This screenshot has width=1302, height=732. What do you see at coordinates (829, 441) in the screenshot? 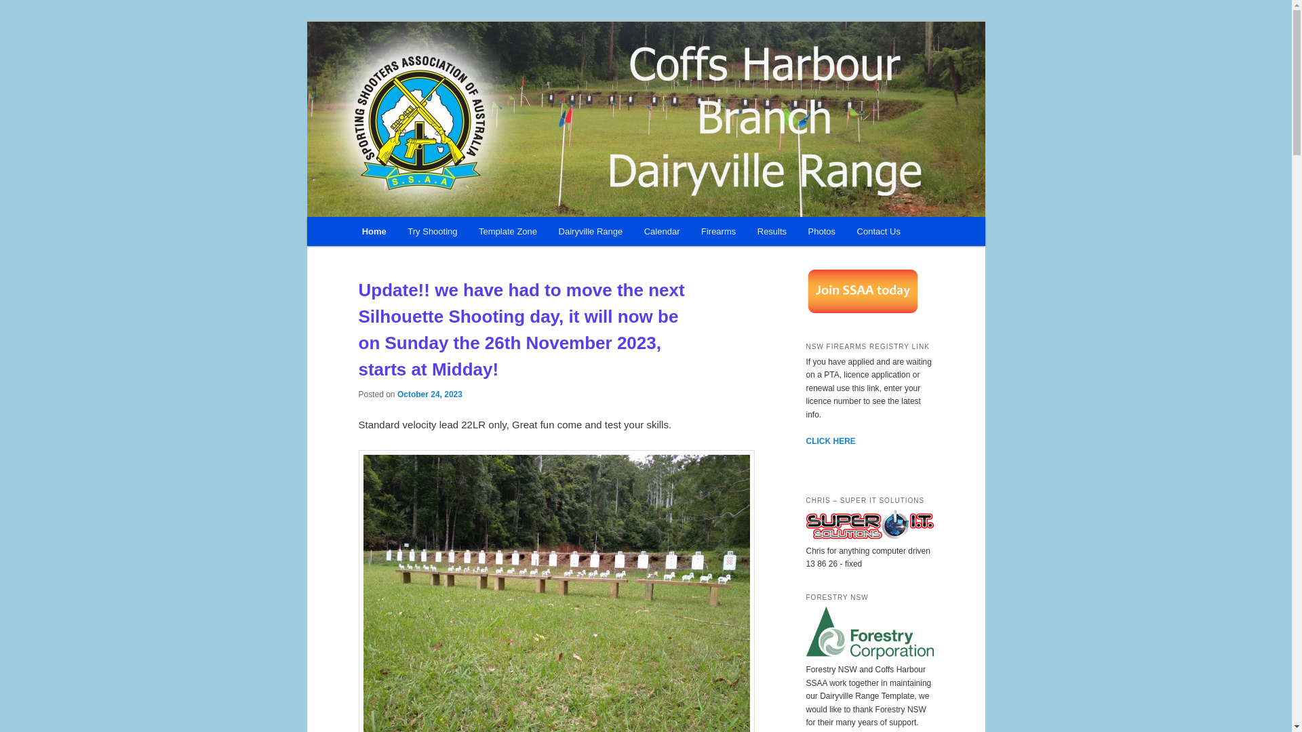
I see `'CLICK HERE'` at bounding box center [829, 441].